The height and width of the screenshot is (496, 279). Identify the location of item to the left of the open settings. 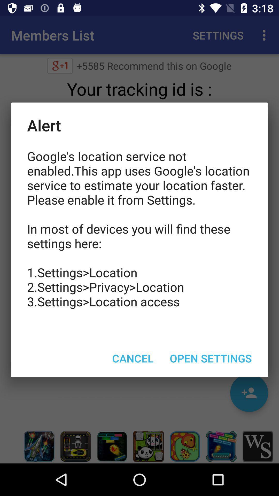
(133, 358).